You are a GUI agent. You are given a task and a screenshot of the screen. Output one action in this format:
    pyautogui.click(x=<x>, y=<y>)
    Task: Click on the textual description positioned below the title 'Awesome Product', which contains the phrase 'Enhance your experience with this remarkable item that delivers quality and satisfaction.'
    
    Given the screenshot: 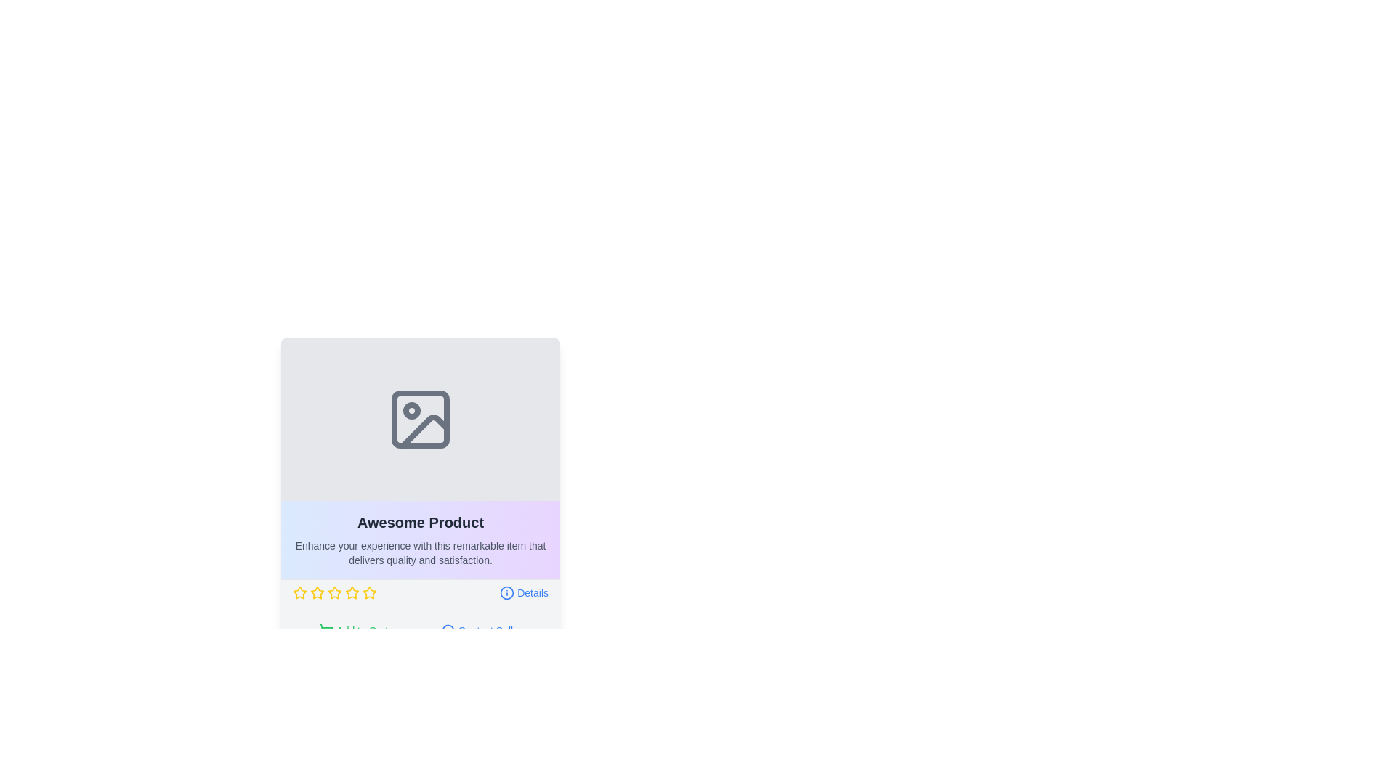 What is the action you would take?
    pyautogui.click(x=420, y=553)
    